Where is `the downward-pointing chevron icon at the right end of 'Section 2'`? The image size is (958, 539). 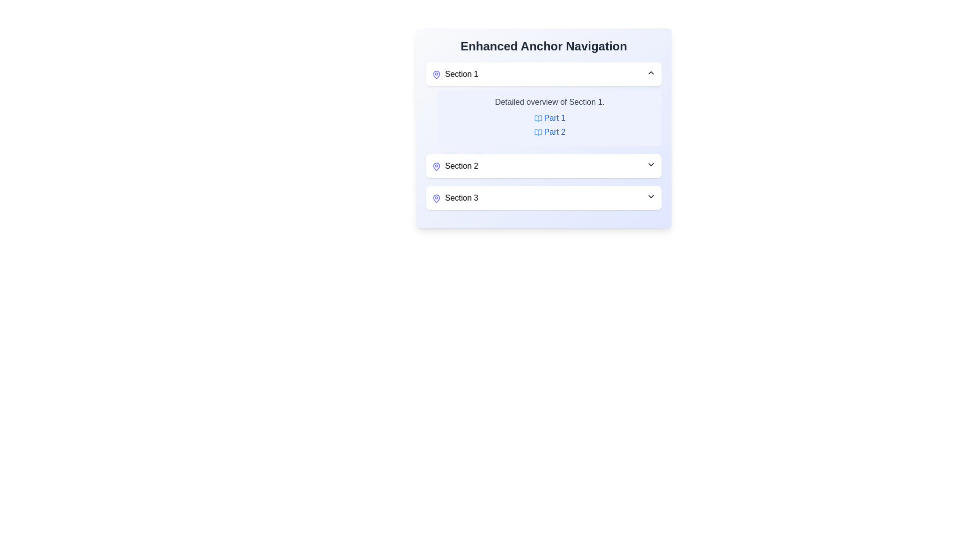
the downward-pointing chevron icon at the right end of 'Section 2' is located at coordinates (651, 164).